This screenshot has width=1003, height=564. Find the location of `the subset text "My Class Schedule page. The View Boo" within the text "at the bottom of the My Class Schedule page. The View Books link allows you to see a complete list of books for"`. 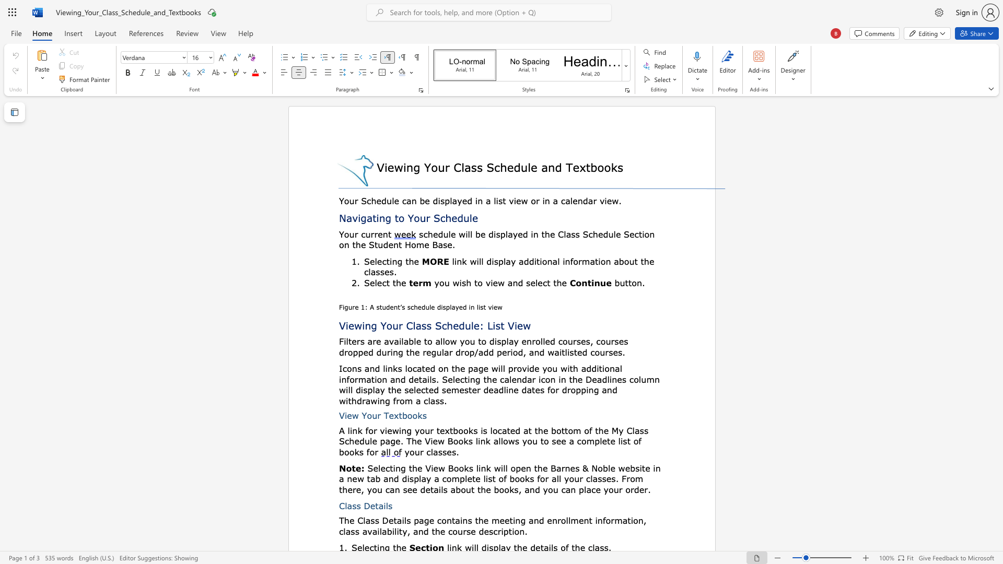

the subset text "My Class Schedule page. The View Boo" within the text "at the bottom of the My Class Schedule page. The View Books link allows you to see a complete list of books for" is located at coordinates (611, 430).